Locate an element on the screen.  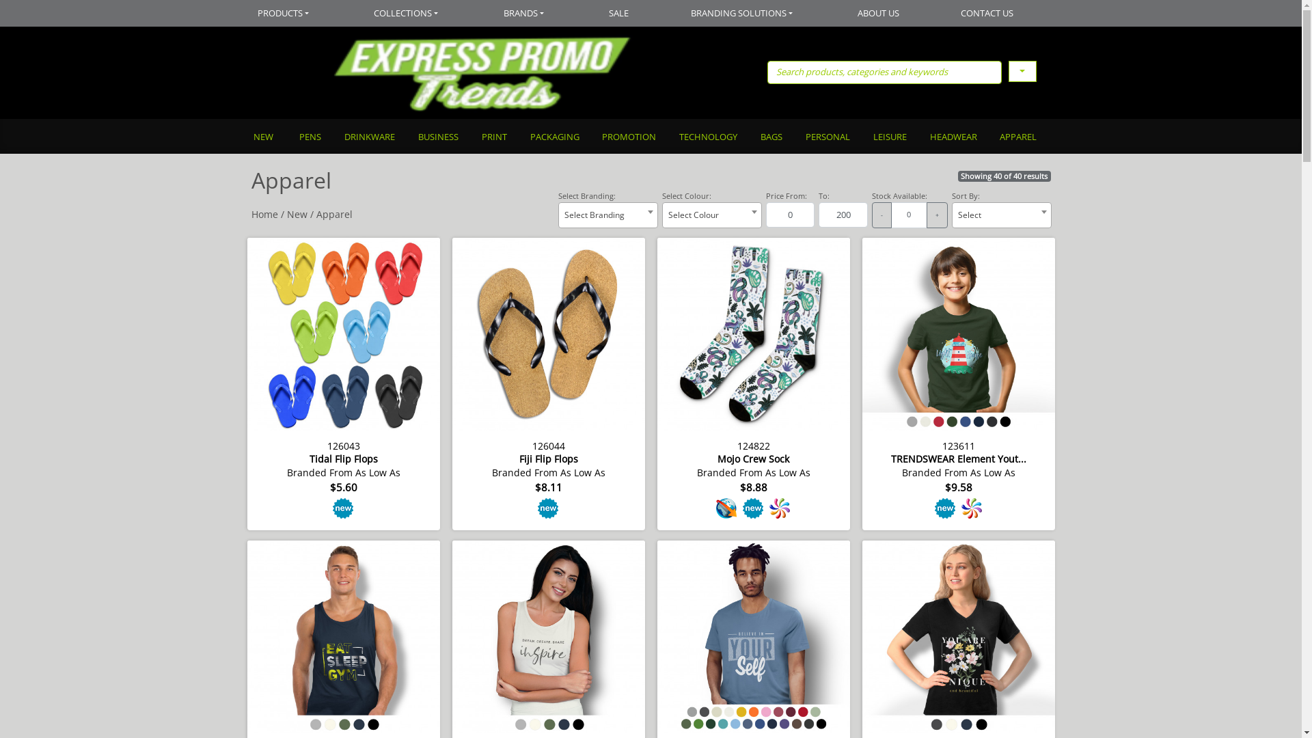
'SALE' is located at coordinates (578, 13).